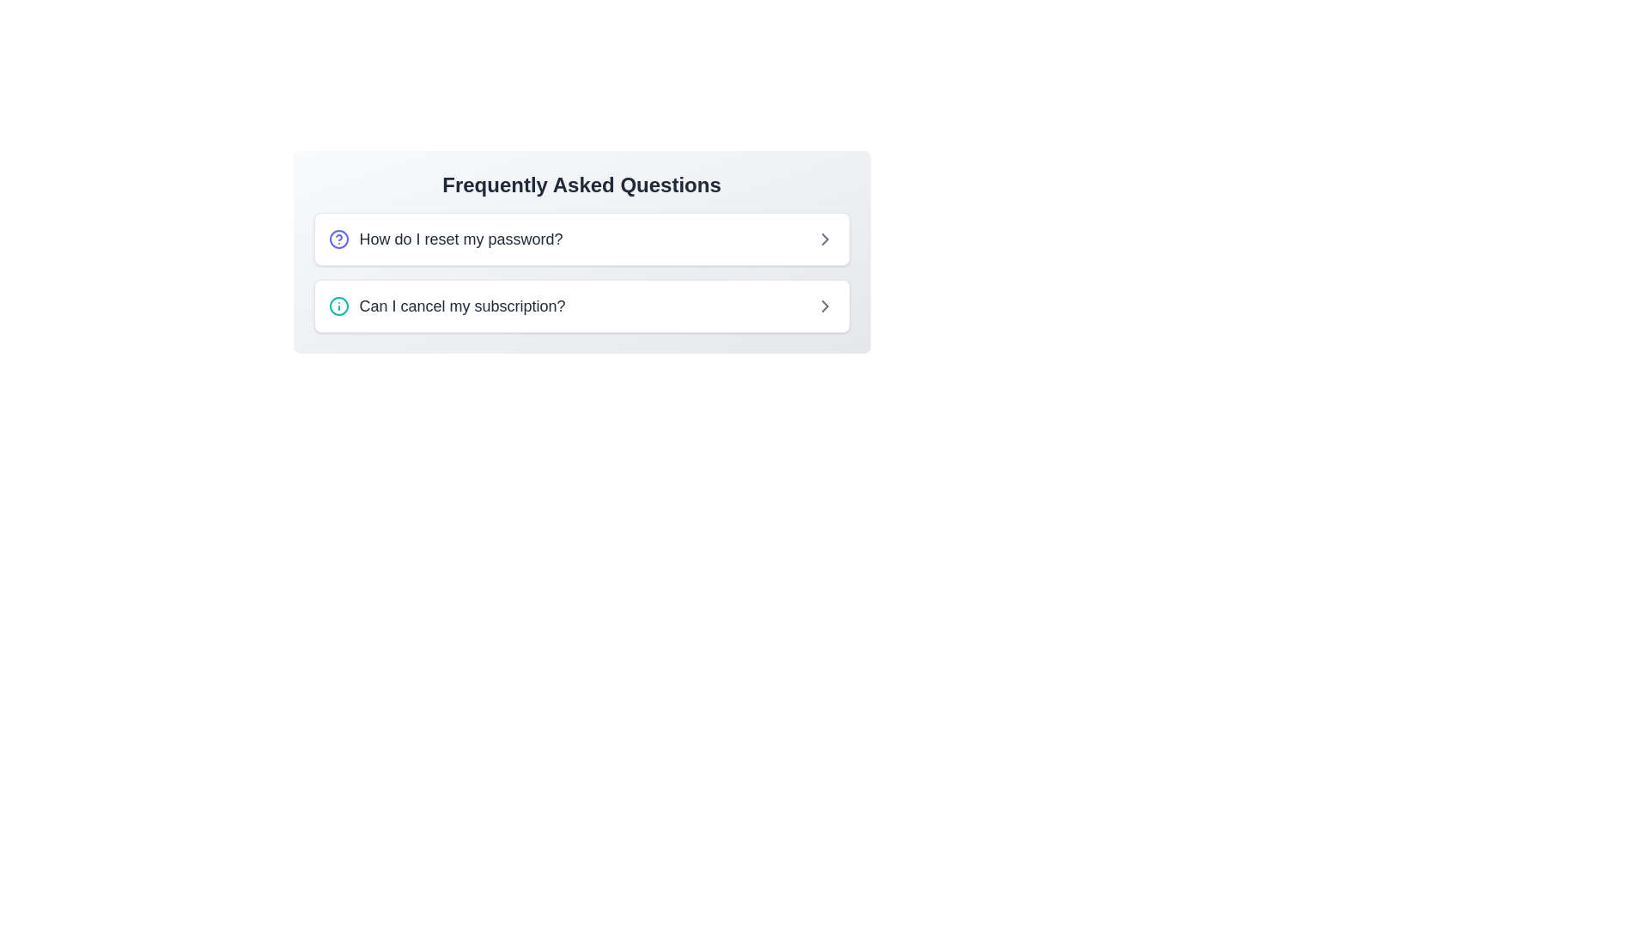  Describe the element at coordinates (462, 306) in the screenshot. I see `the FAQ question text label that displays information about subscription cancellation` at that location.